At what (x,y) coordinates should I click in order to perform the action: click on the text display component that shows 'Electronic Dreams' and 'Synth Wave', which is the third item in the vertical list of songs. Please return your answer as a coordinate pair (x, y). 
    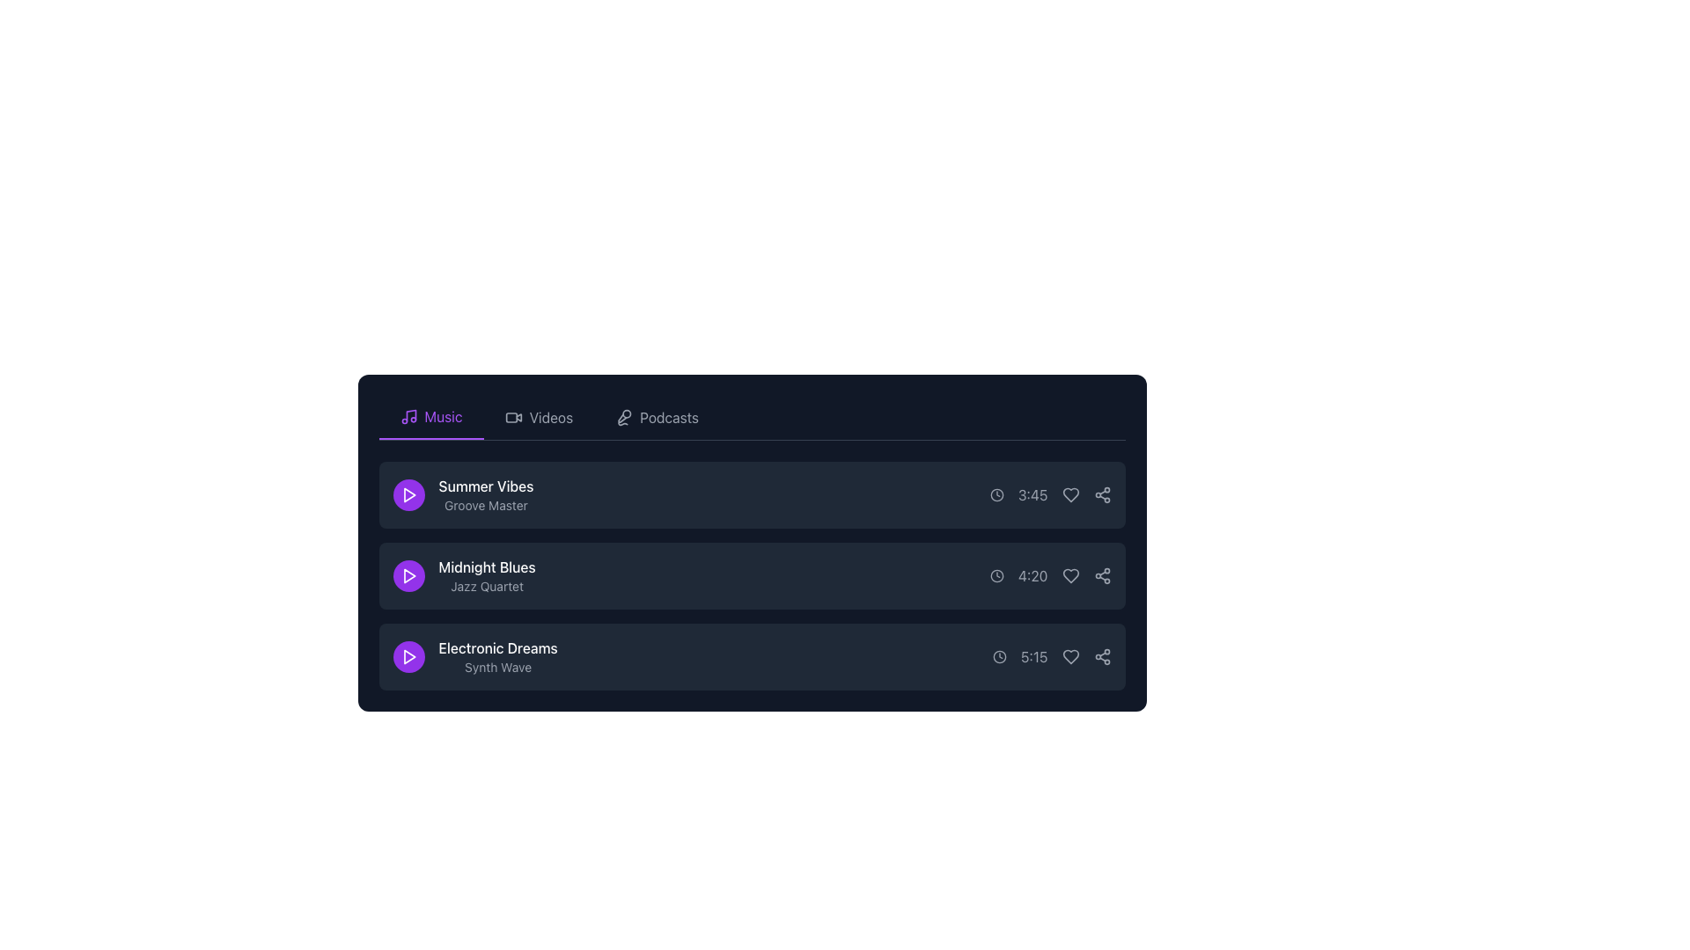
    Looking at the image, I should click on (497, 657).